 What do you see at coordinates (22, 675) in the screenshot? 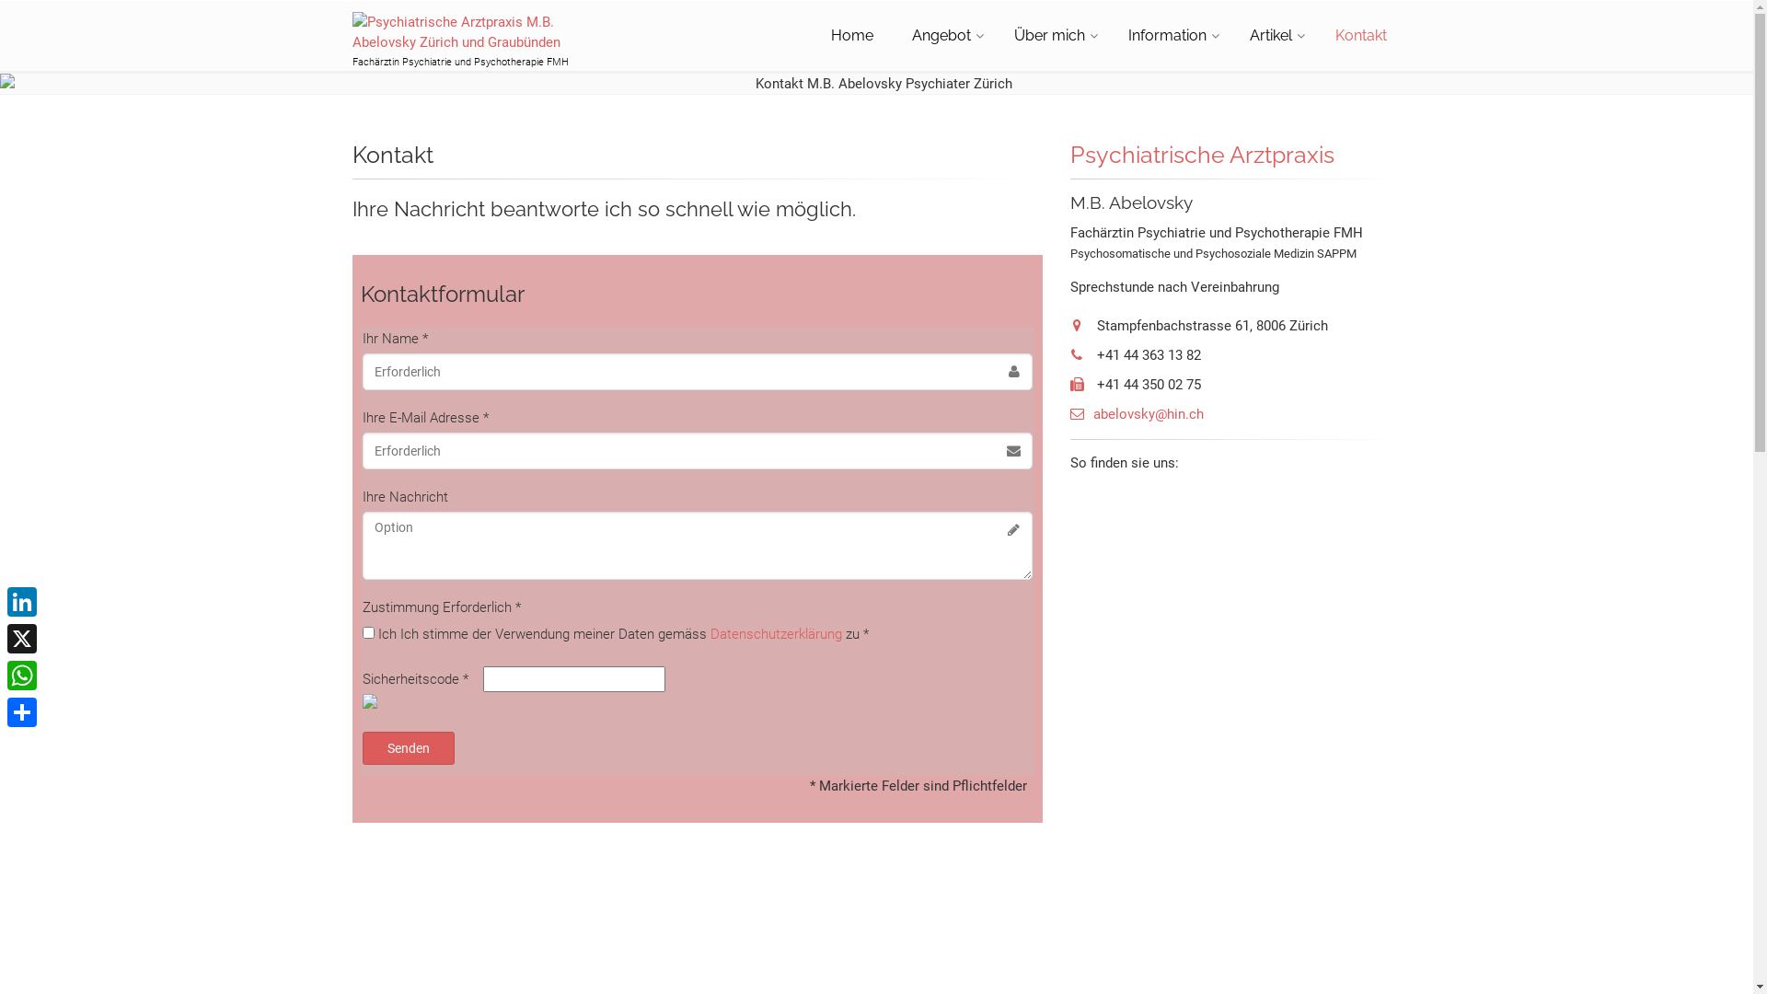
I see `'WhatsApp'` at bounding box center [22, 675].